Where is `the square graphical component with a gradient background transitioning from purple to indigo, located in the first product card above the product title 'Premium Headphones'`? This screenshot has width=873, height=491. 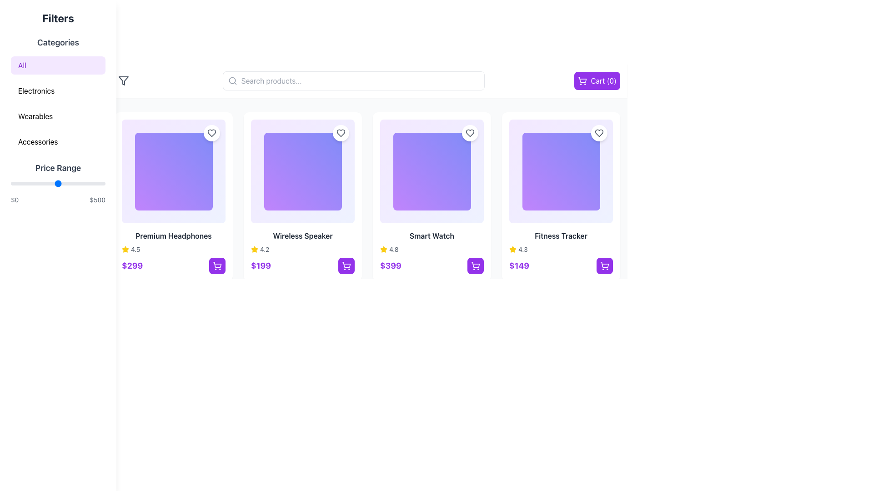 the square graphical component with a gradient background transitioning from purple to indigo, located in the first product card above the product title 'Premium Headphones' is located at coordinates (174, 171).